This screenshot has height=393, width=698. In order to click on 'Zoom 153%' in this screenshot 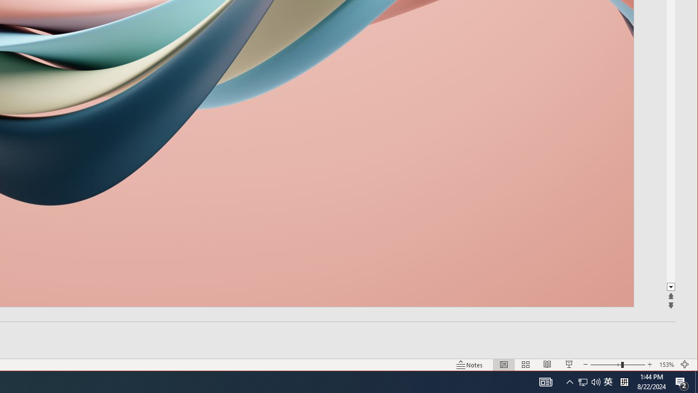, I will do `click(666, 365)`.